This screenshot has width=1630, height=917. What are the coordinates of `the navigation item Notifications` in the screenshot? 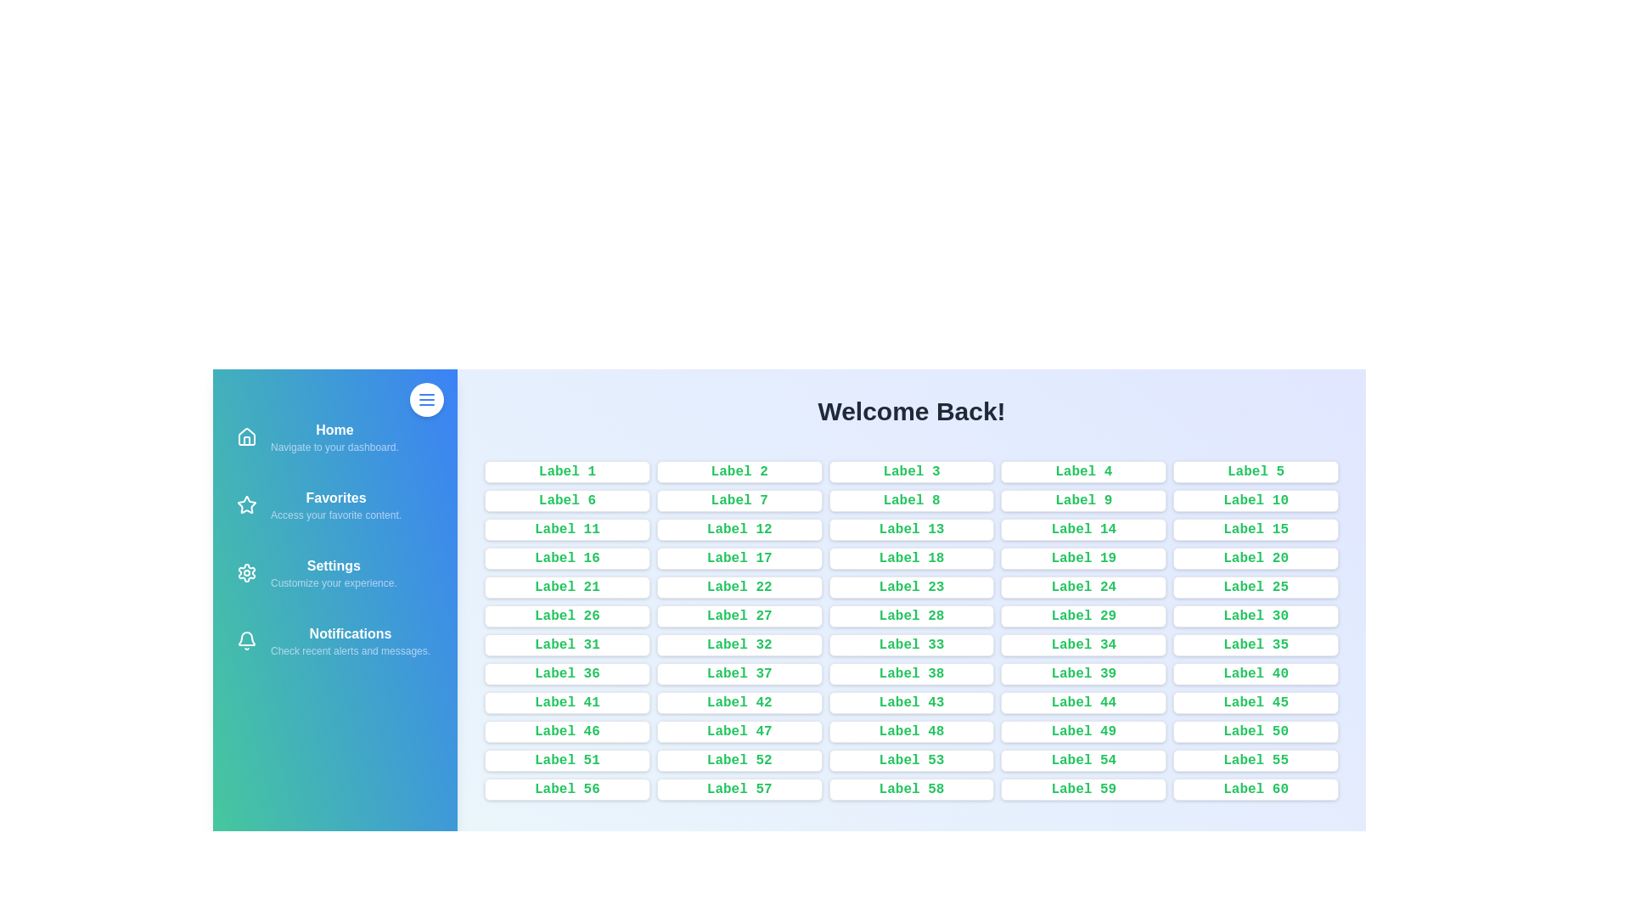 It's located at (334, 641).